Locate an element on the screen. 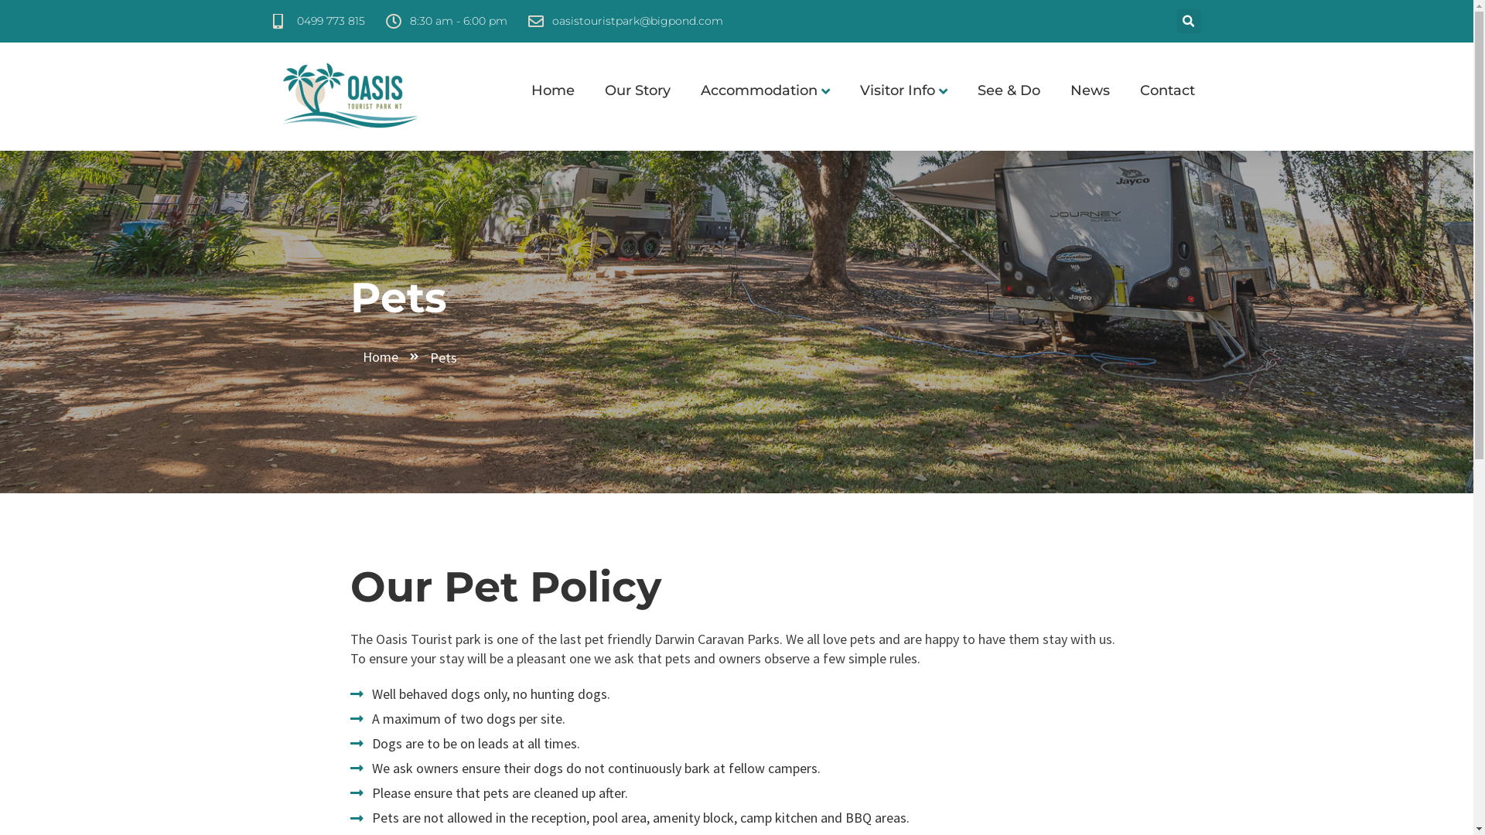 The height and width of the screenshot is (835, 1485). 'See & Do' is located at coordinates (1001, 90).